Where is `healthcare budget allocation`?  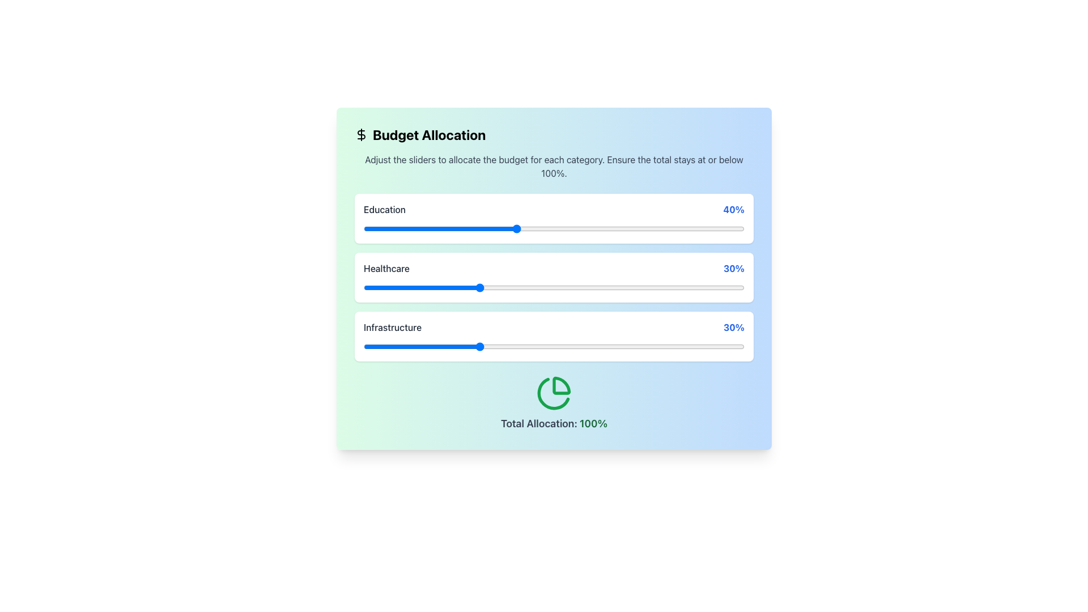
healthcare budget allocation is located at coordinates (416, 287).